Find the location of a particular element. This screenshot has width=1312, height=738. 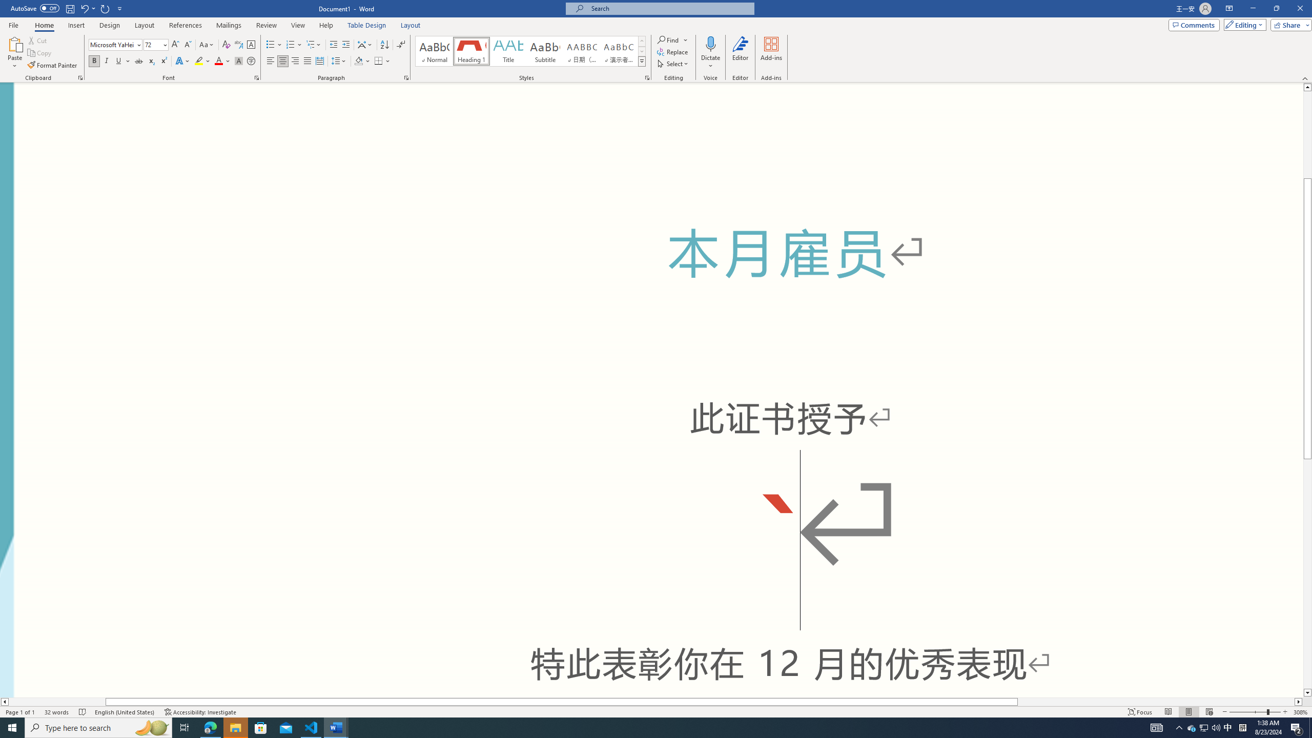

'Save' is located at coordinates (69, 8).